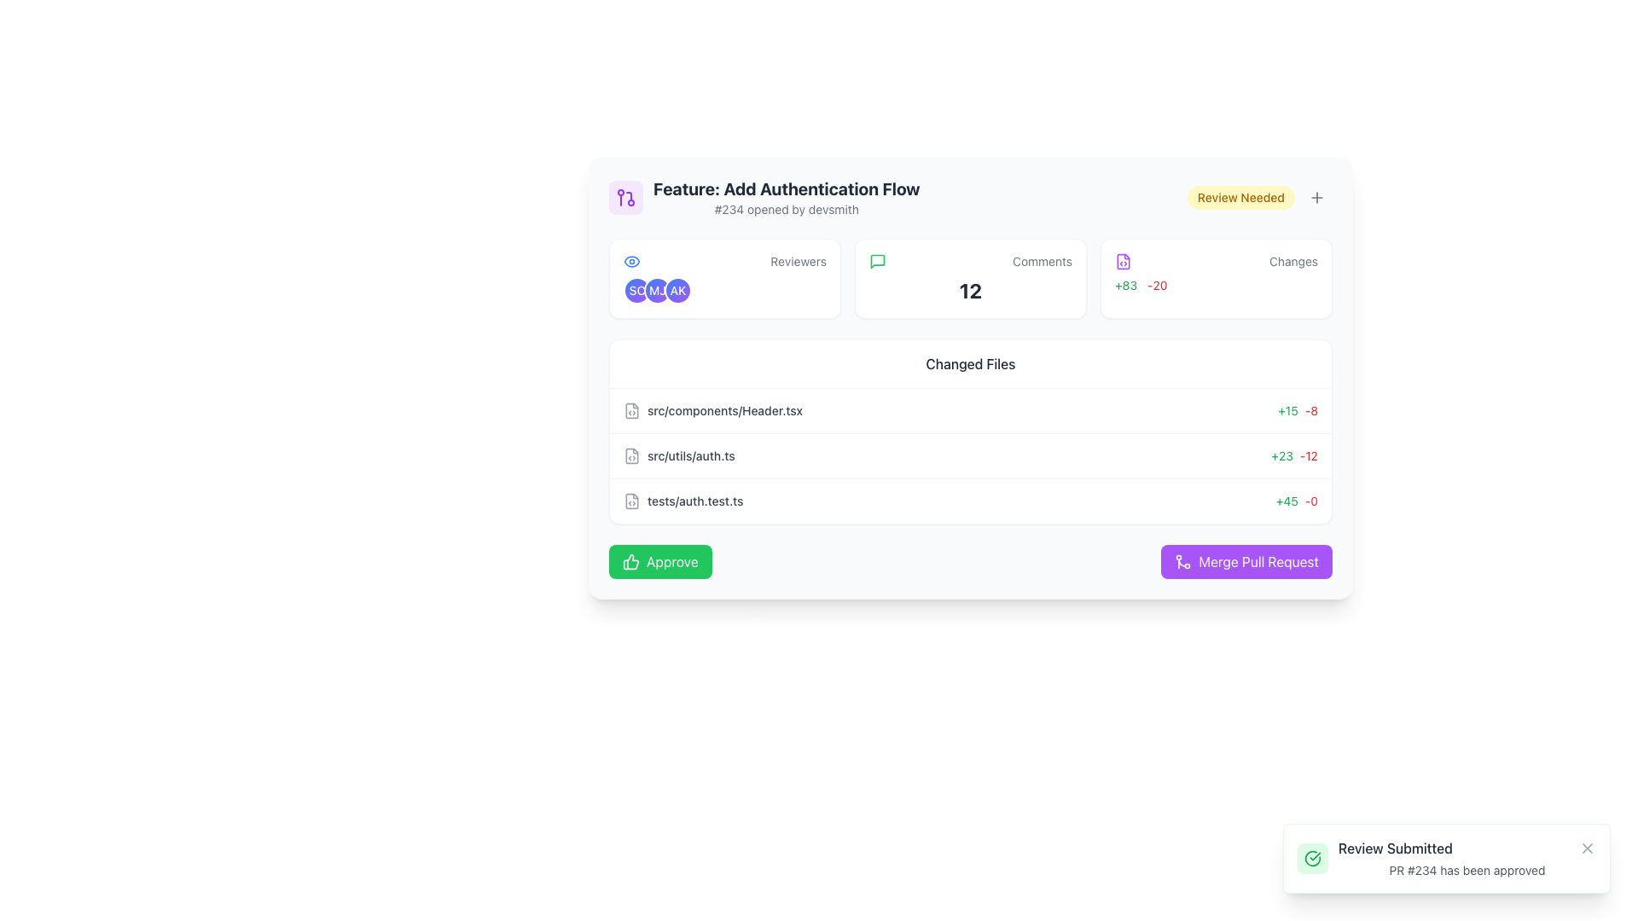 The image size is (1638, 921). What do you see at coordinates (1297, 500) in the screenshot?
I see `the label indicating the number of added and removed lines in the code review interface, located to the right of the file name 'tests/auth.test.ts' in the 'Changed Files' section` at bounding box center [1297, 500].